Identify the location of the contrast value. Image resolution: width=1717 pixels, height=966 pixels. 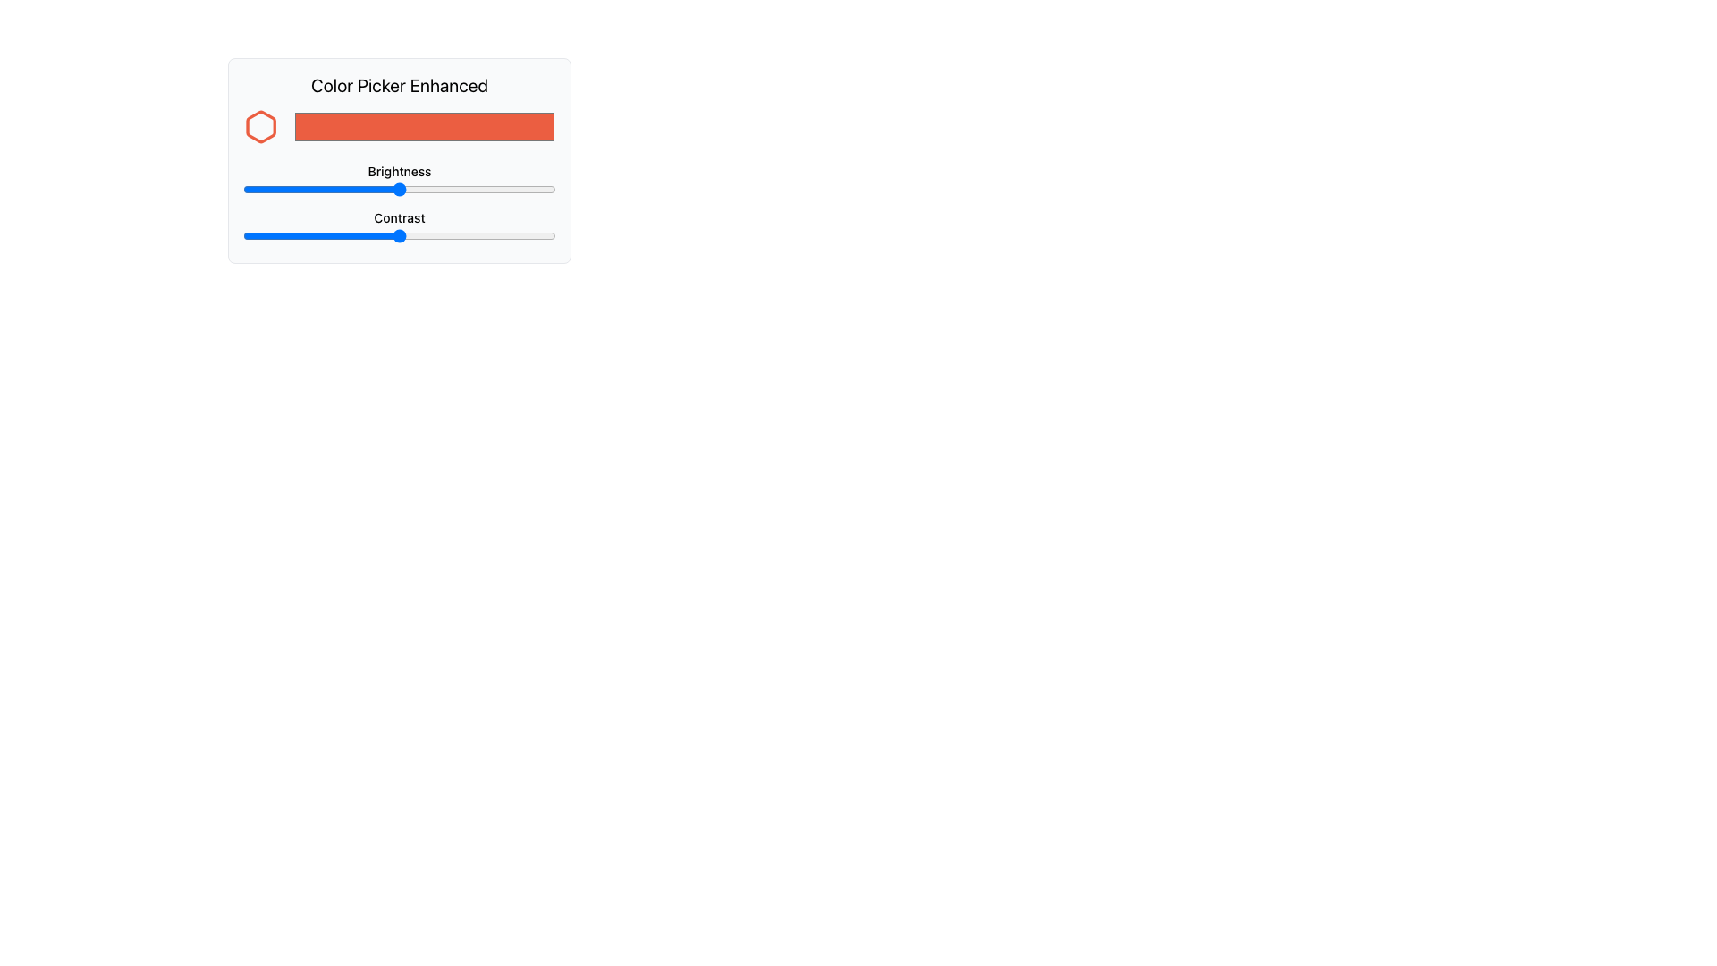
(349, 234).